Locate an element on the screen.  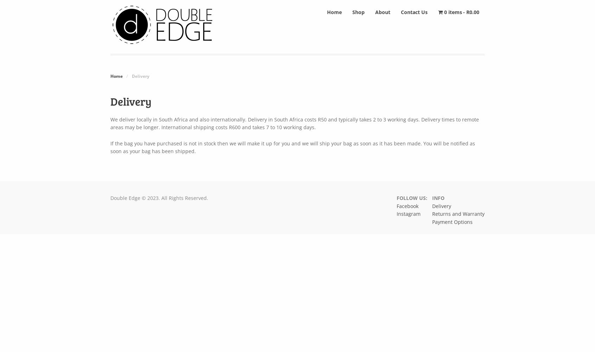
'Facebook' is located at coordinates (407, 205).